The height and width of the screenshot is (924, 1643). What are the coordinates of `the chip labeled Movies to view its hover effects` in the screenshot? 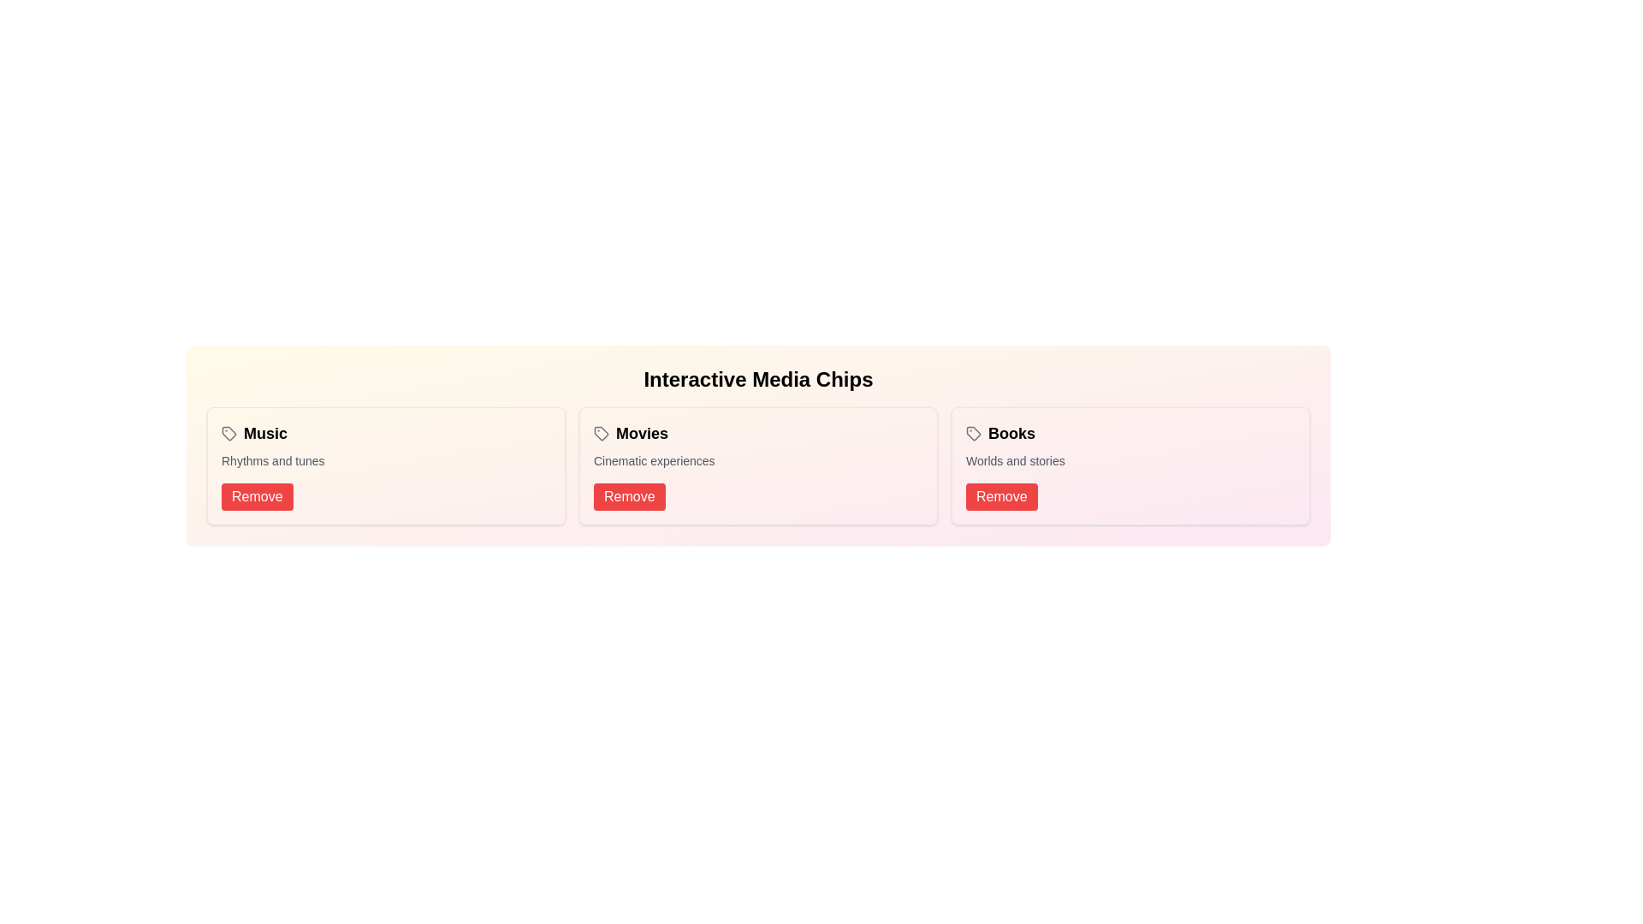 It's located at (630, 432).